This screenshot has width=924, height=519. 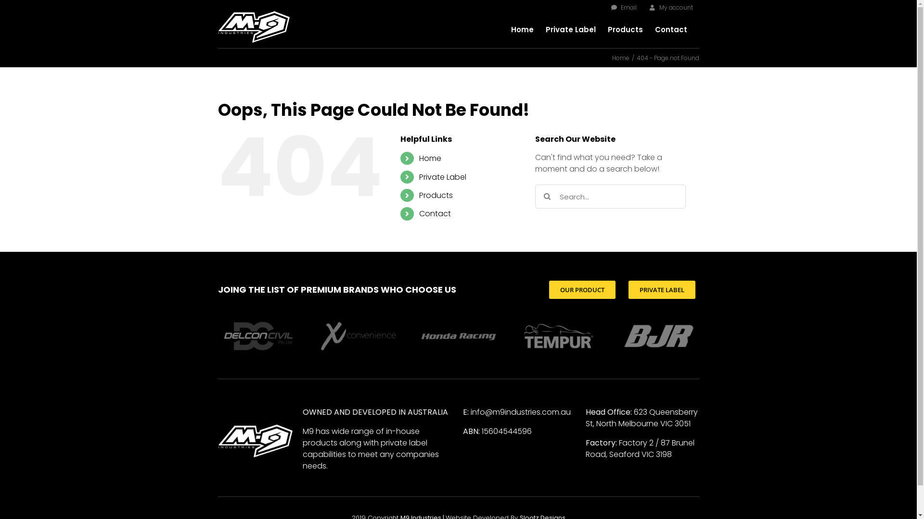 What do you see at coordinates (623, 7) in the screenshot?
I see `'Email'` at bounding box center [623, 7].